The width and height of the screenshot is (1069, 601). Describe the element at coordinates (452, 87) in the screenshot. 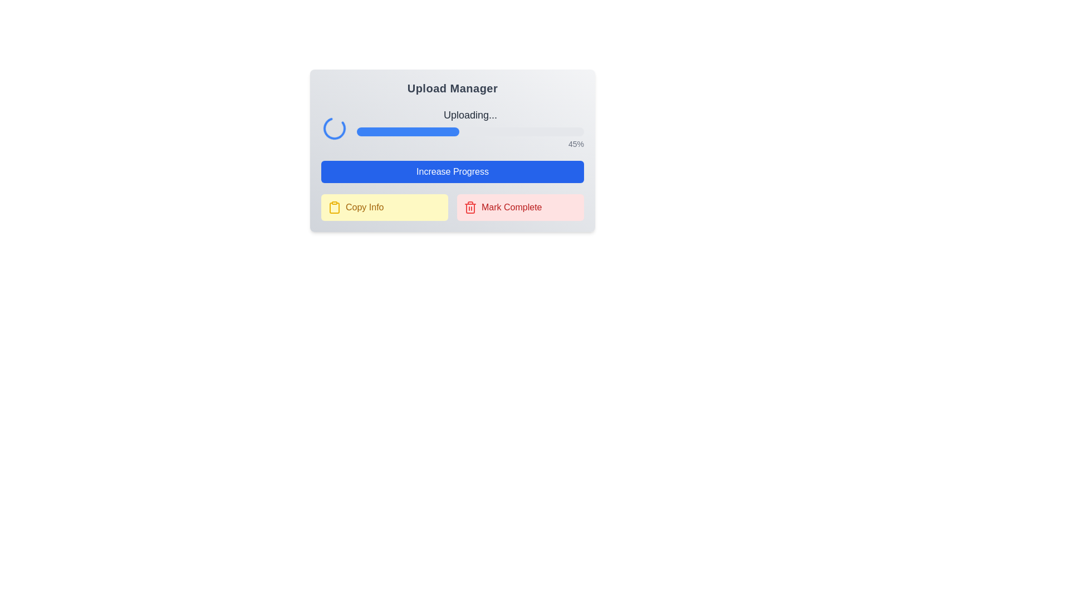

I see `the bold, extra-large title text 'Upload Manager' at the top of the interface` at that location.